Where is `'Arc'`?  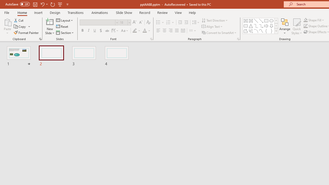
'Arc' is located at coordinates (256, 31).